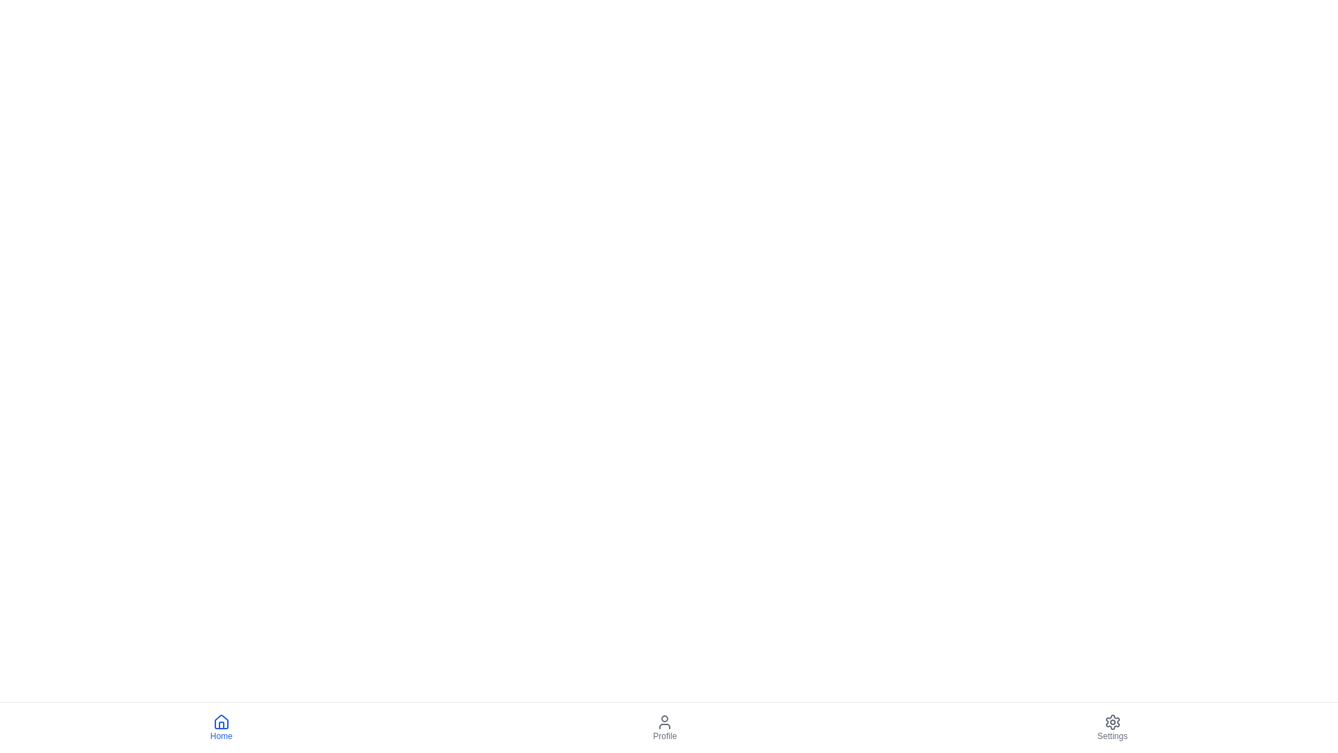  I want to click on the settings icon located in the middle-top of the 'Settings' button group in the bottom navigation bar, so click(1112, 722).